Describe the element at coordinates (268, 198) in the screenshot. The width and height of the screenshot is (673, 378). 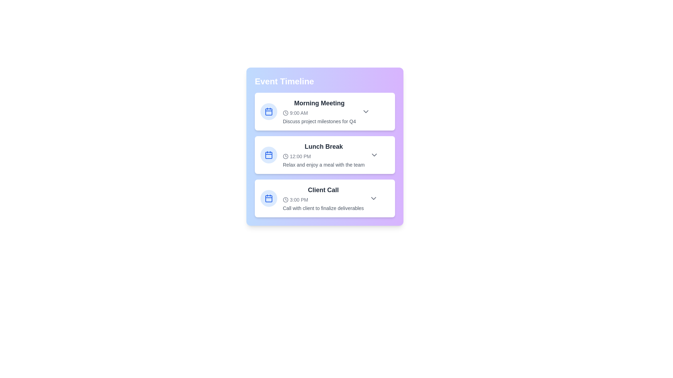
I see `the icon associated with the event Client Call to inspect its details` at that location.